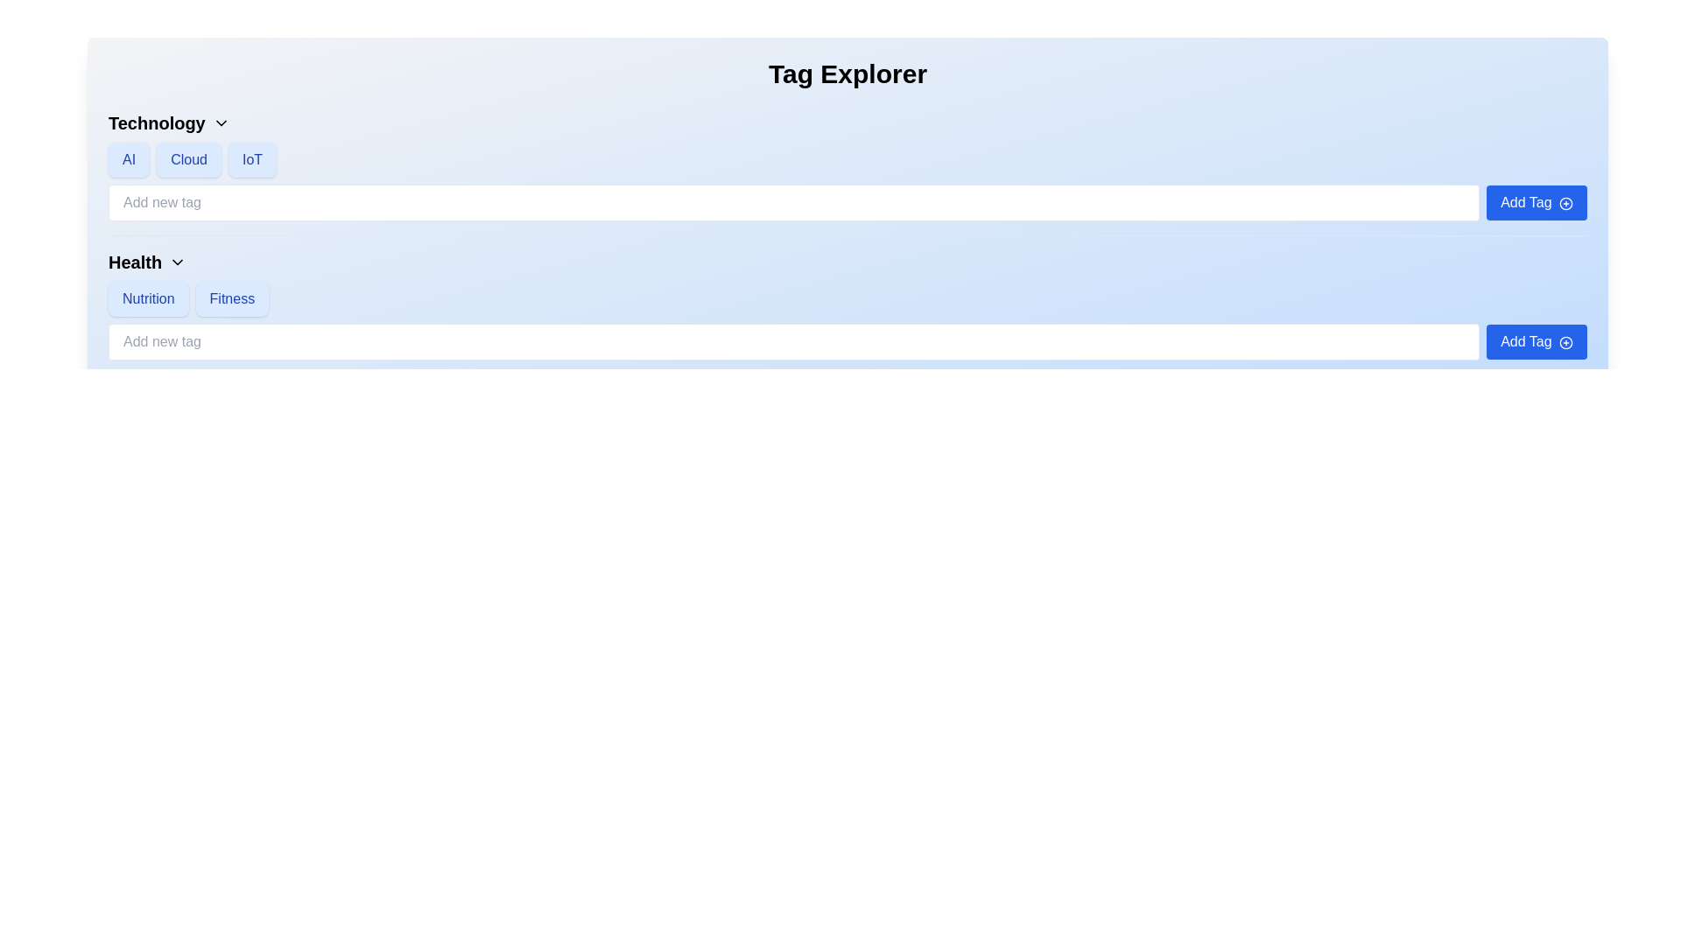 This screenshot has height=945, width=1681. Describe the element at coordinates (220, 122) in the screenshot. I see `the Dropdown indicator (chevron symbol) next to the 'Technology' label` at that location.